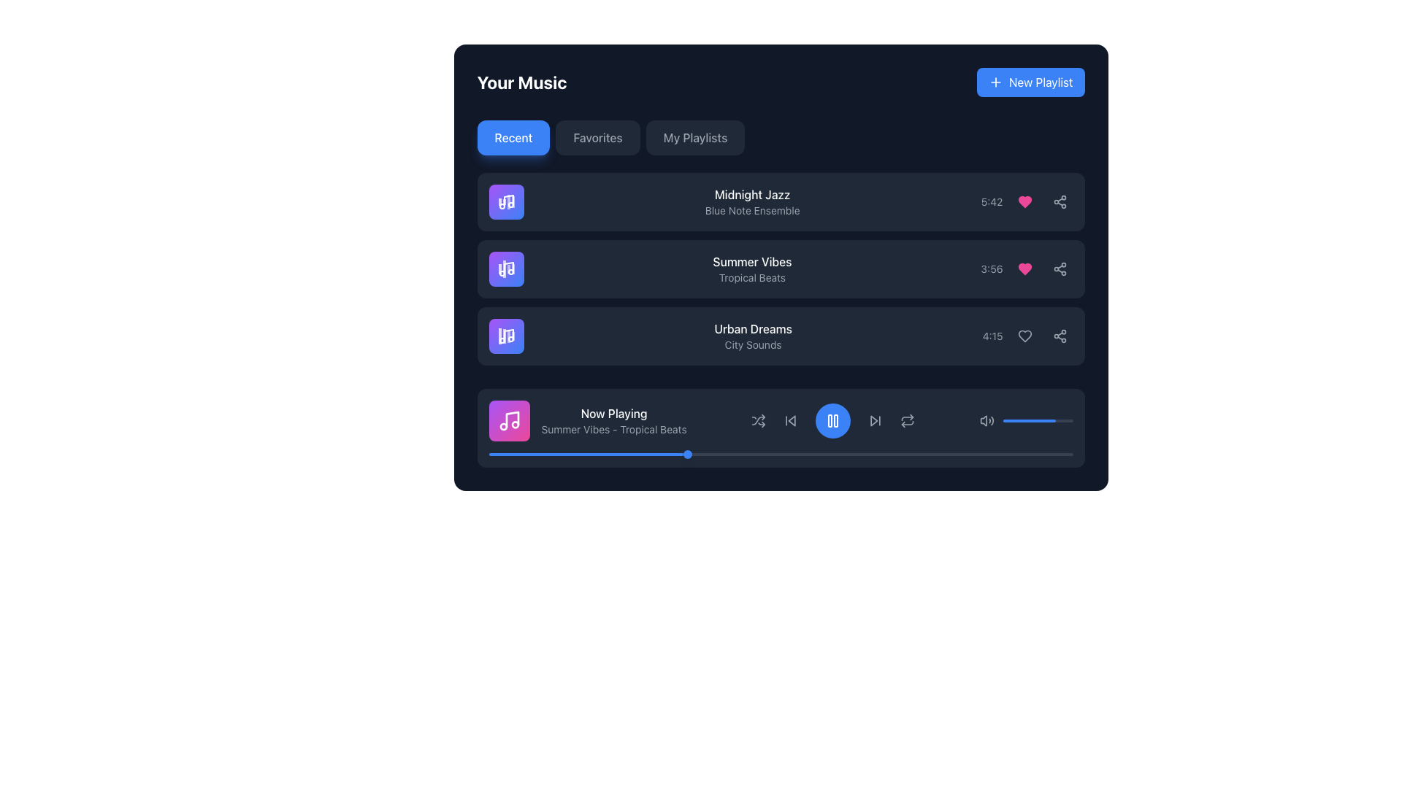 The image size is (1402, 788). I want to click on the Informational Label with an Icon that displays the currently playing track's title and description, located in the bottom section of the UI near the control bar, so click(588, 421).